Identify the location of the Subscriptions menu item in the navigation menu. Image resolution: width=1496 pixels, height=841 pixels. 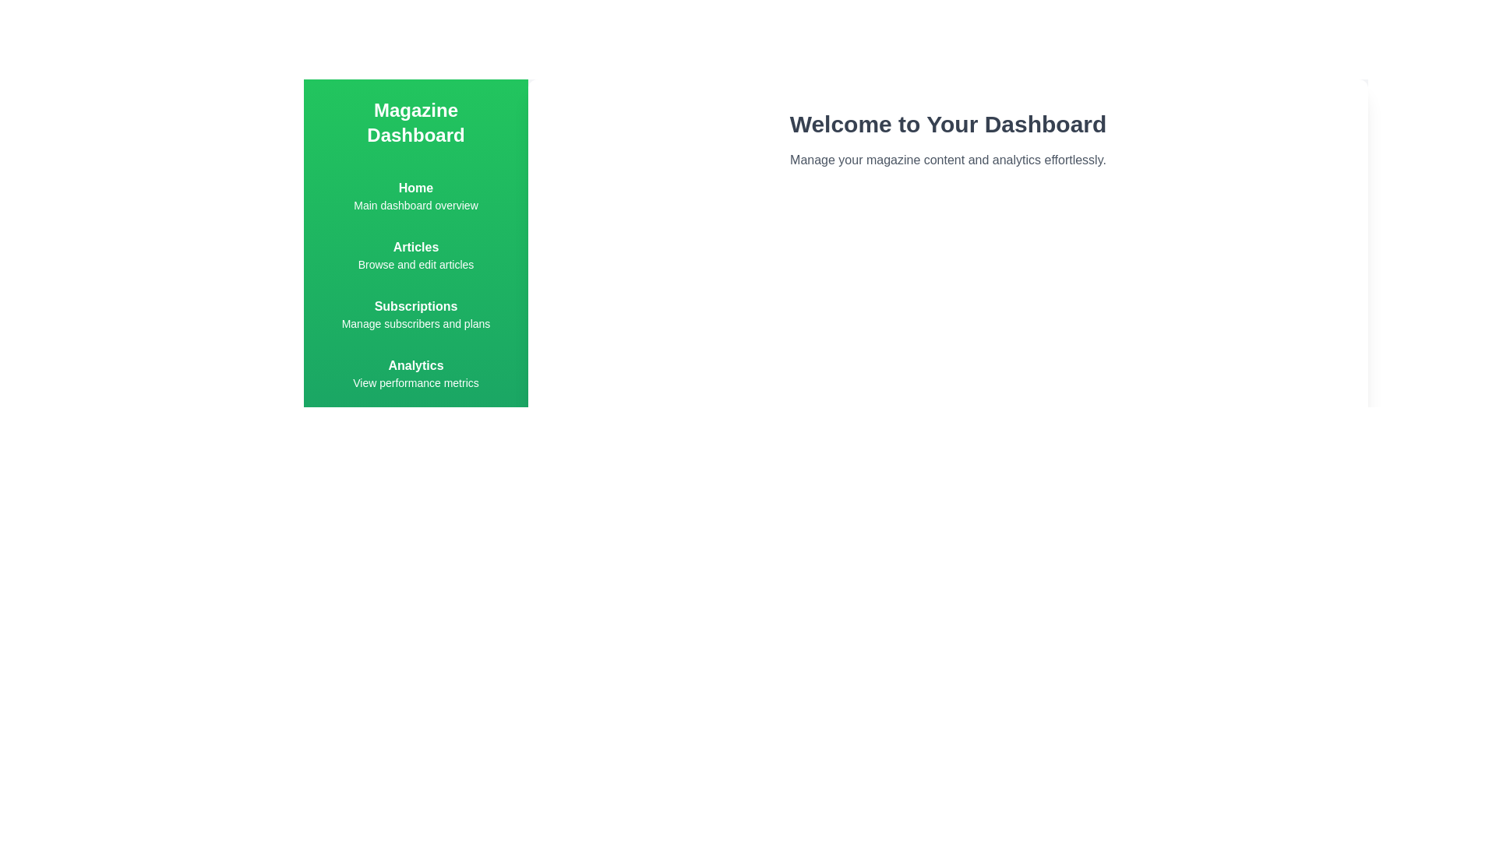
(415, 315).